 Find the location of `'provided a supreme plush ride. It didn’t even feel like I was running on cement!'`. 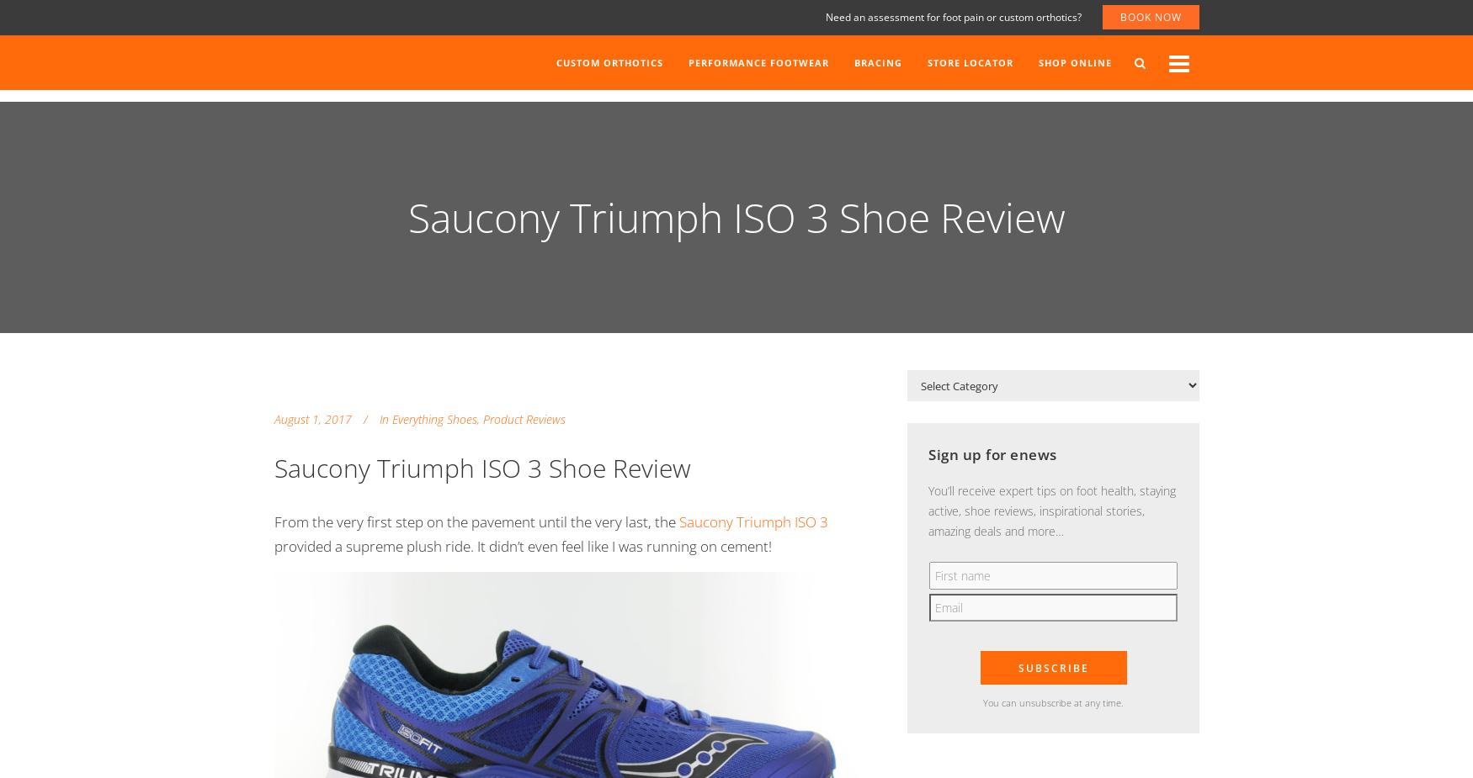

'provided a supreme plush ride. It didn’t even feel like I was running on cement!' is located at coordinates (274, 545).